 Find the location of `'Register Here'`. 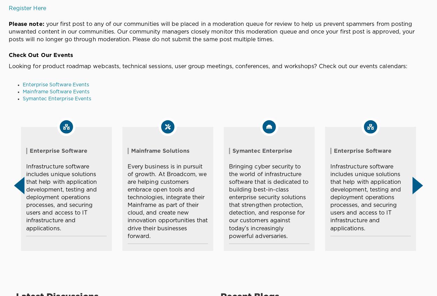

'Register Here' is located at coordinates (27, 8).